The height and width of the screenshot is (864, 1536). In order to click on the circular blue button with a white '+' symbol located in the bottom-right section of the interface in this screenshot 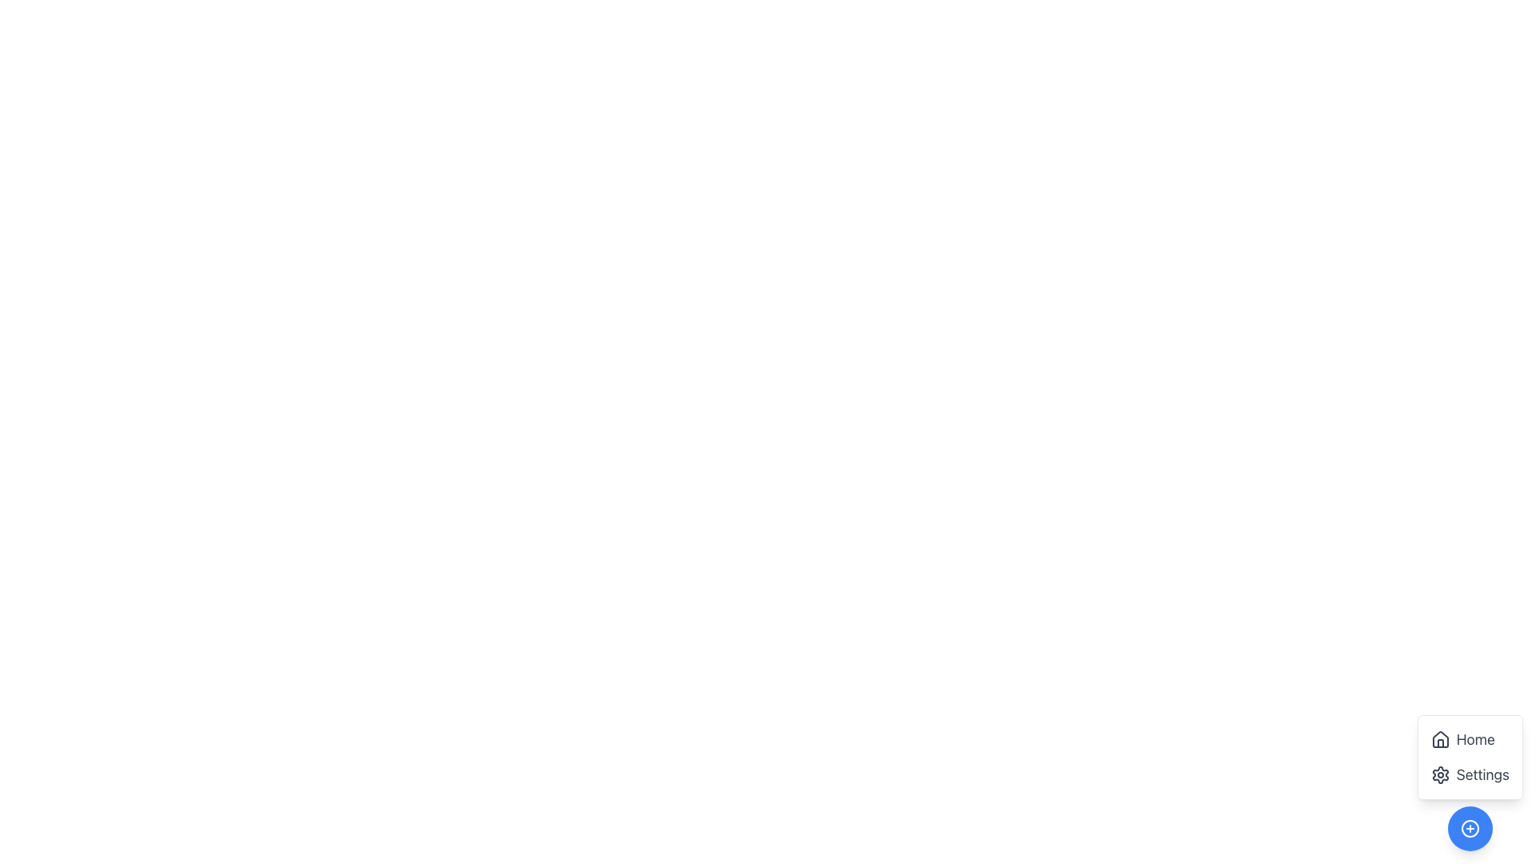, I will do `click(1470, 828)`.